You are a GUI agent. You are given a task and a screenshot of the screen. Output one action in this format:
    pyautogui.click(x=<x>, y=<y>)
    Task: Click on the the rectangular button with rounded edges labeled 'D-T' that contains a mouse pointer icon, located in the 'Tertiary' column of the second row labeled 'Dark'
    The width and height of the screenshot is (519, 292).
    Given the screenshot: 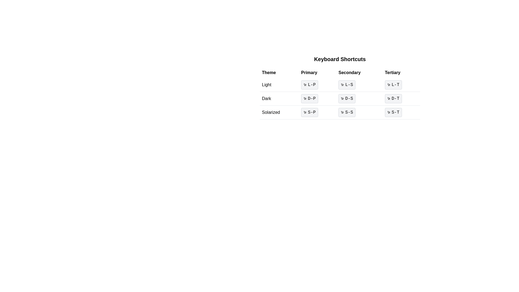 What is the action you would take?
    pyautogui.click(x=393, y=99)
    